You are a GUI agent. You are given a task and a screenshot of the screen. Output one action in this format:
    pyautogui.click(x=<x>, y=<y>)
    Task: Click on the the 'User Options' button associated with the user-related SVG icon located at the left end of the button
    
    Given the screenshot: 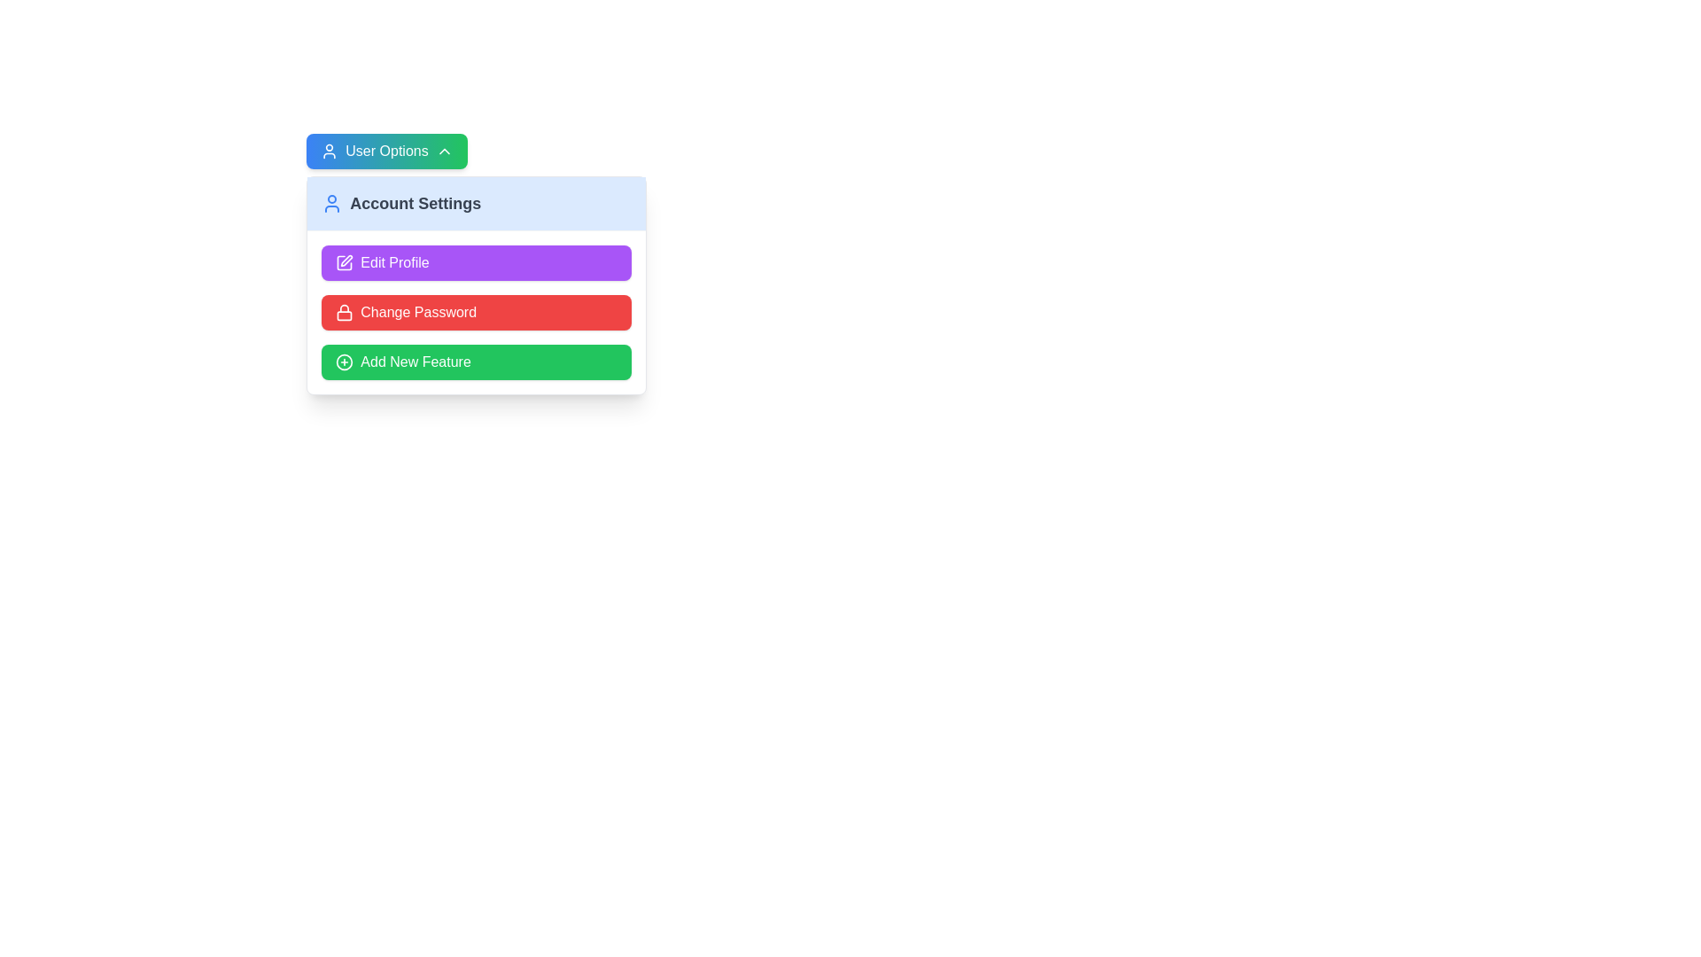 What is the action you would take?
    pyautogui.click(x=330, y=150)
    